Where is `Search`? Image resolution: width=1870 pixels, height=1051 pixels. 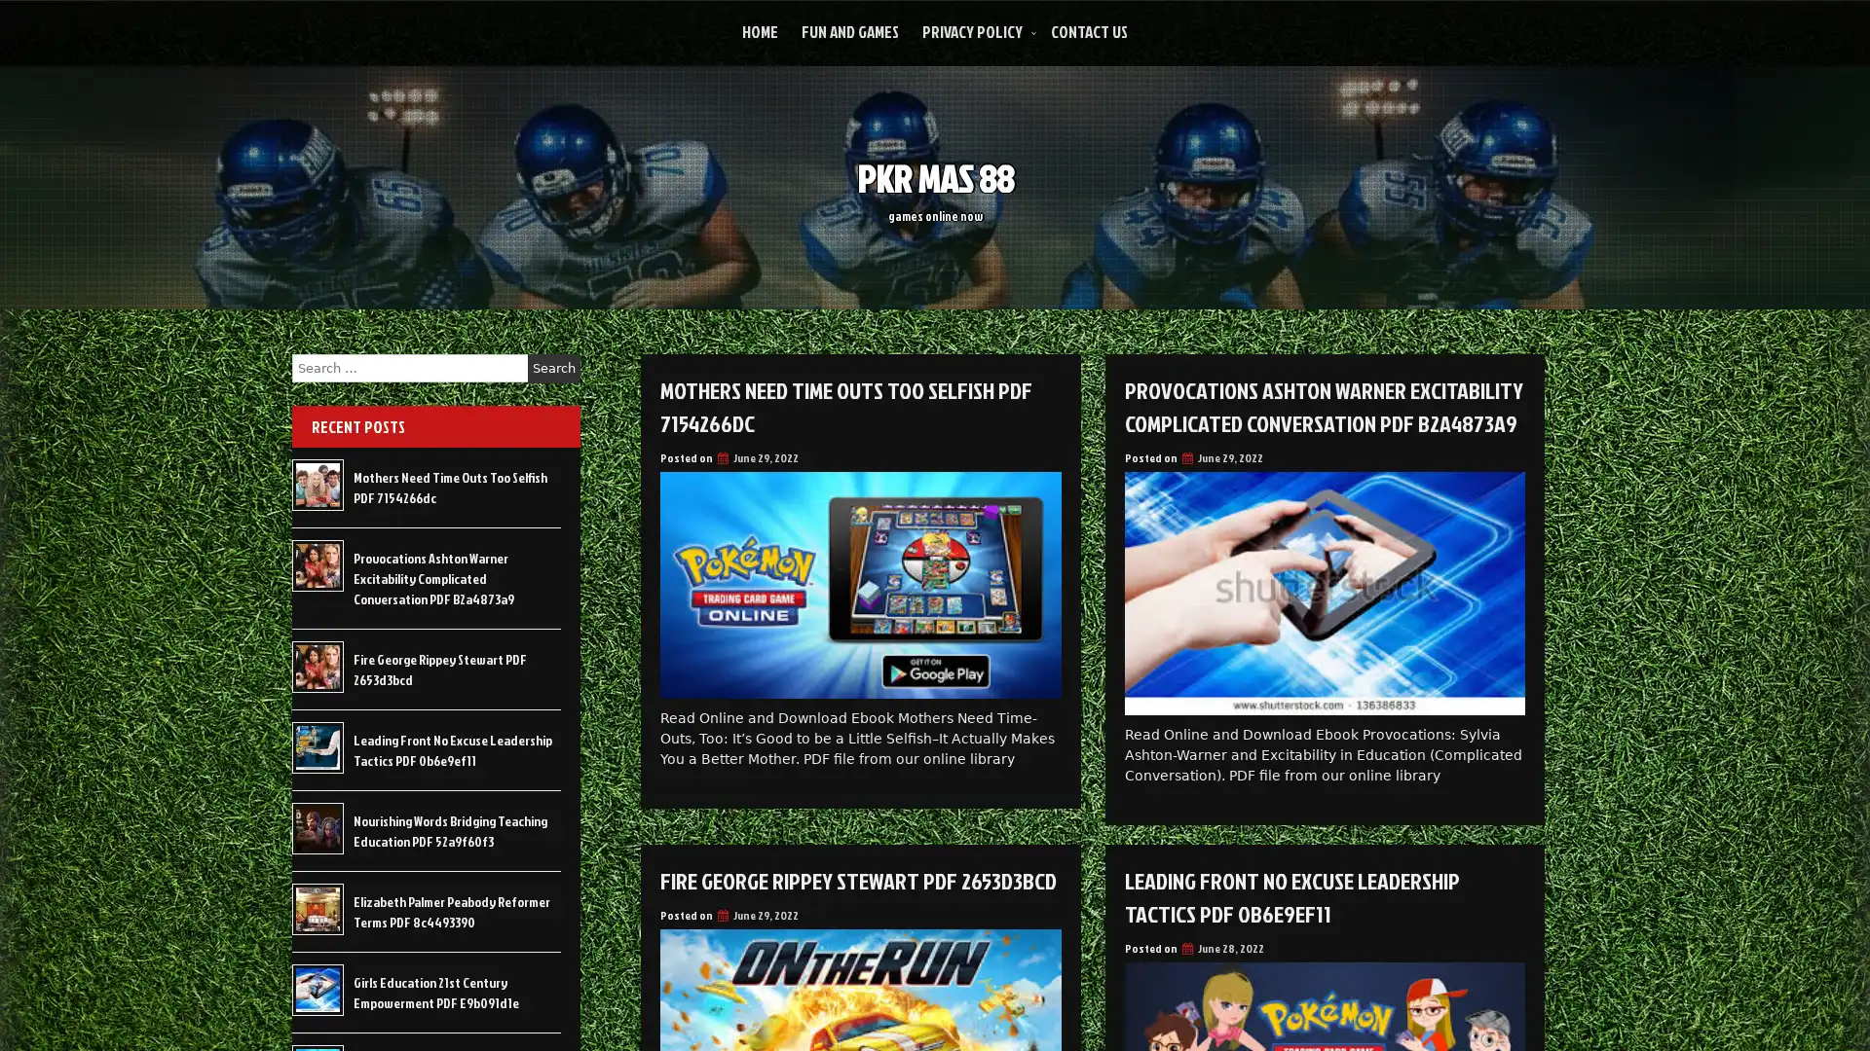 Search is located at coordinates (553, 368).